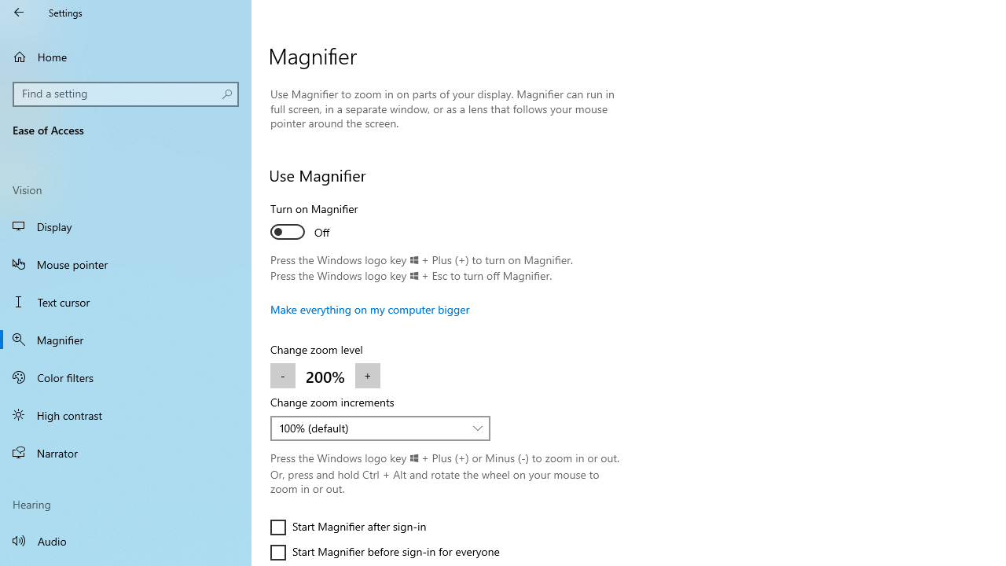 Image resolution: width=1006 pixels, height=566 pixels. What do you see at coordinates (126, 94) in the screenshot?
I see `'Search box, Find a setting'` at bounding box center [126, 94].